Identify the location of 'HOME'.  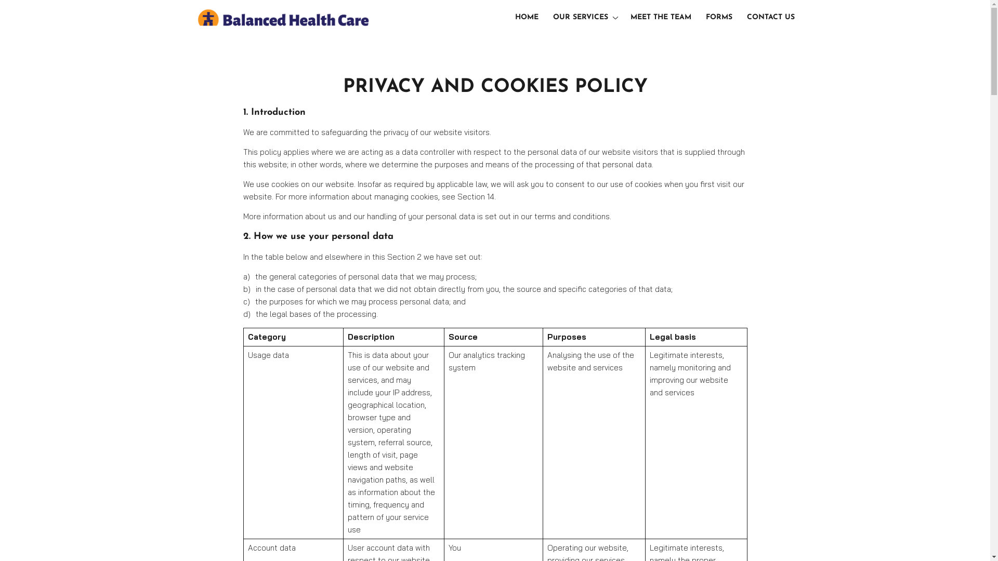
(527, 18).